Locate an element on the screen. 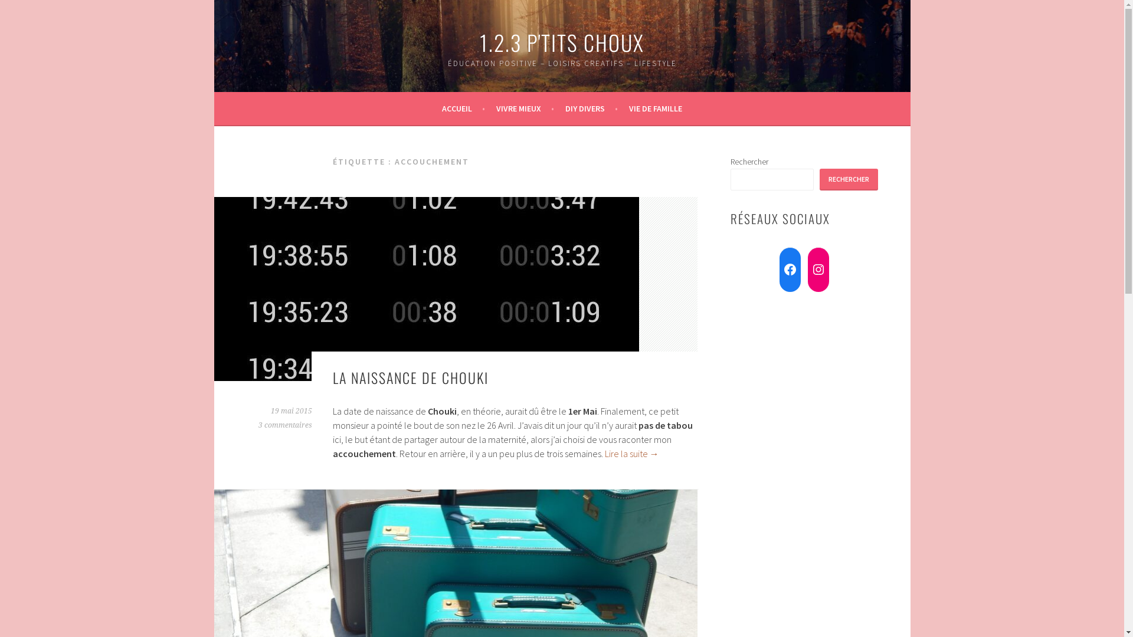 This screenshot has width=1133, height=637. 'VIVRE MIEUX' is located at coordinates (524, 109).